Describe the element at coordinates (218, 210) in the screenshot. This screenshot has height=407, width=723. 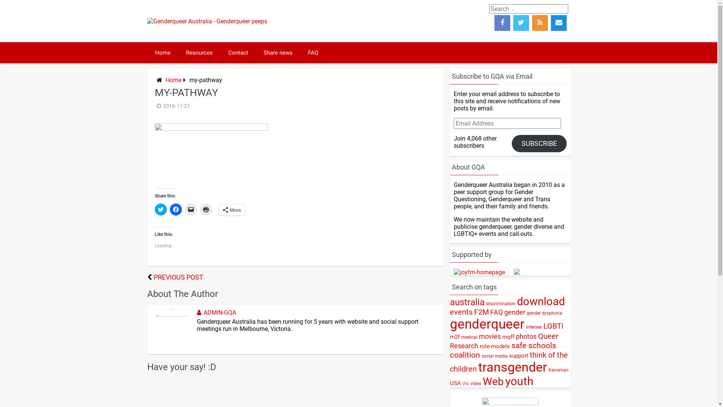
I see `'More'` at that location.